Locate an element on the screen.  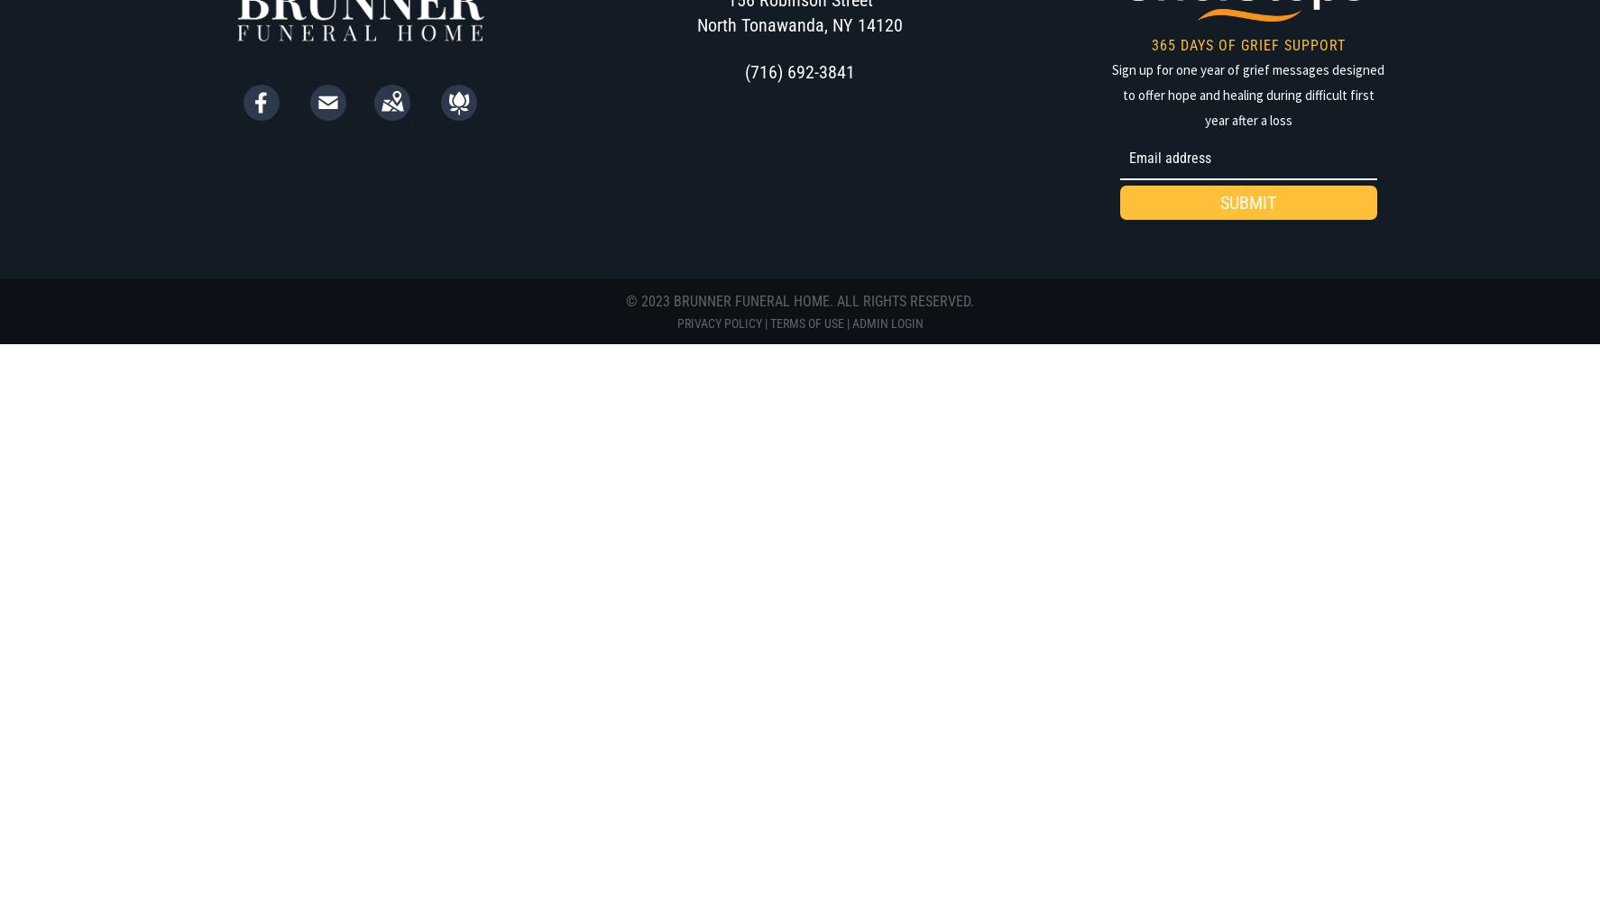
'Sign up for one year of grief messages designed to offer hope and healing during difficult first year after a loss' is located at coordinates (1248, 93).